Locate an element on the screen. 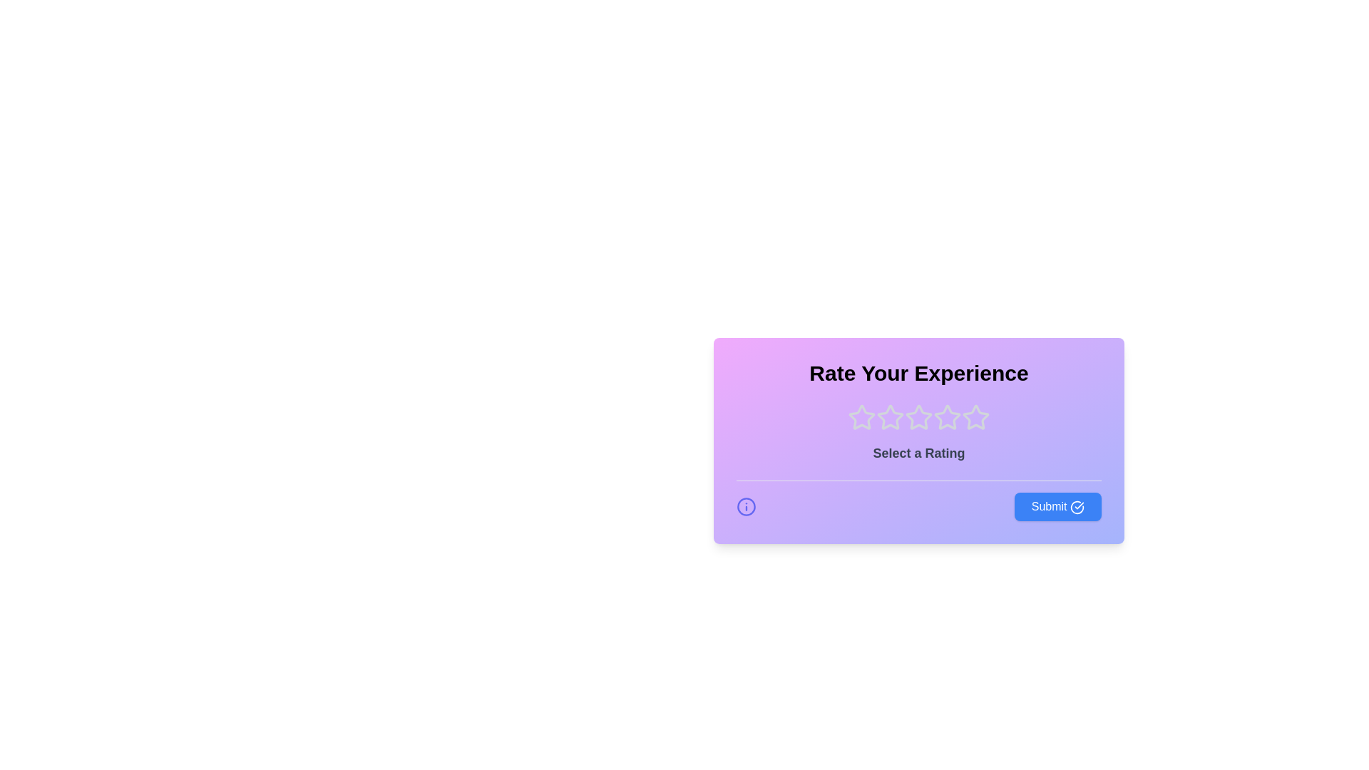  the star corresponding to 4 rating is located at coordinates (948, 417).